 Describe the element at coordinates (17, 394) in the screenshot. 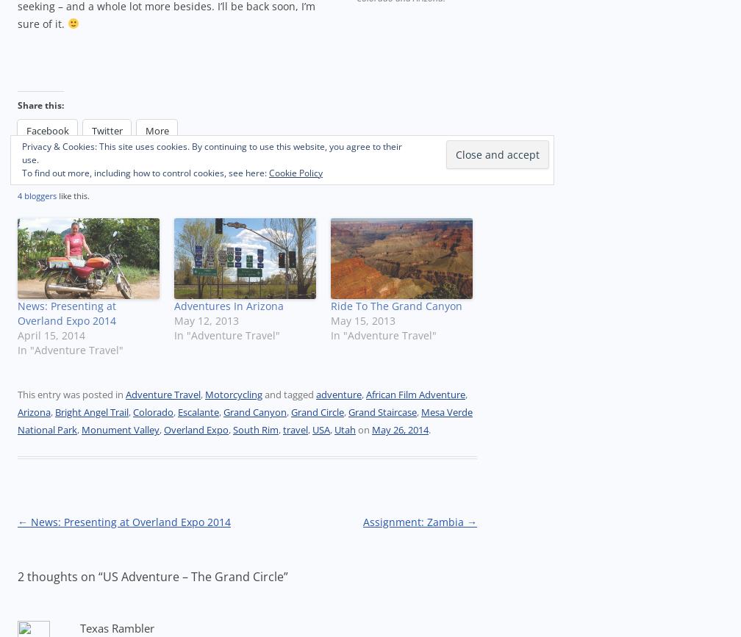

I see `'This entry was posted in'` at that location.